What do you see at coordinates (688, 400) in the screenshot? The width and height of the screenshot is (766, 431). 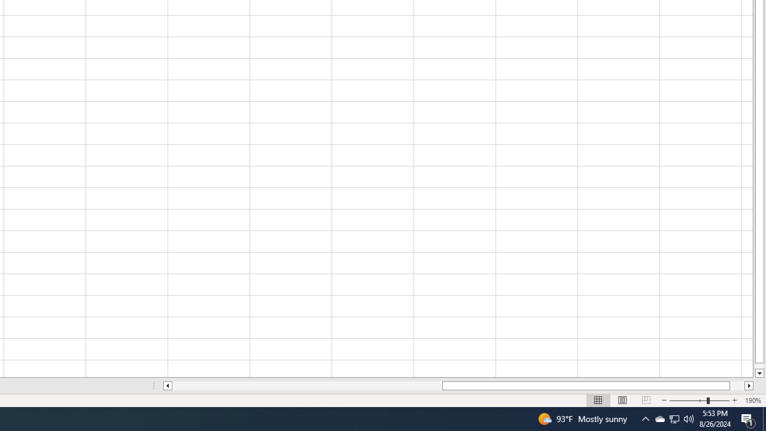 I see `'Zoom Out'` at bounding box center [688, 400].